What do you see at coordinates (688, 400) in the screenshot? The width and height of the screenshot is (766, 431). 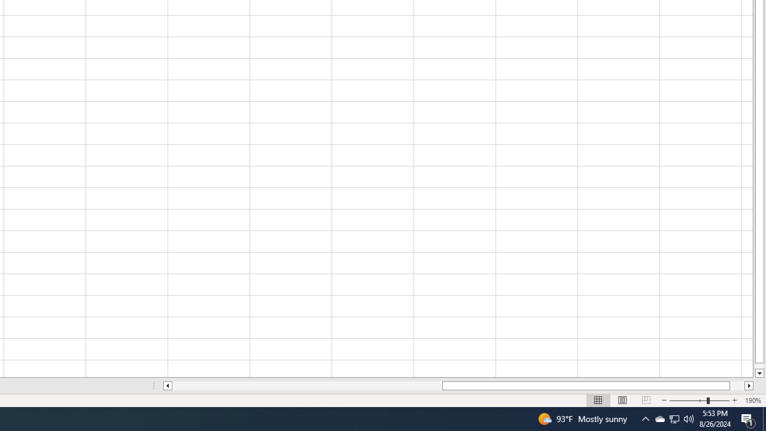 I see `'Zoom Out'` at bounding box center [688, 400].